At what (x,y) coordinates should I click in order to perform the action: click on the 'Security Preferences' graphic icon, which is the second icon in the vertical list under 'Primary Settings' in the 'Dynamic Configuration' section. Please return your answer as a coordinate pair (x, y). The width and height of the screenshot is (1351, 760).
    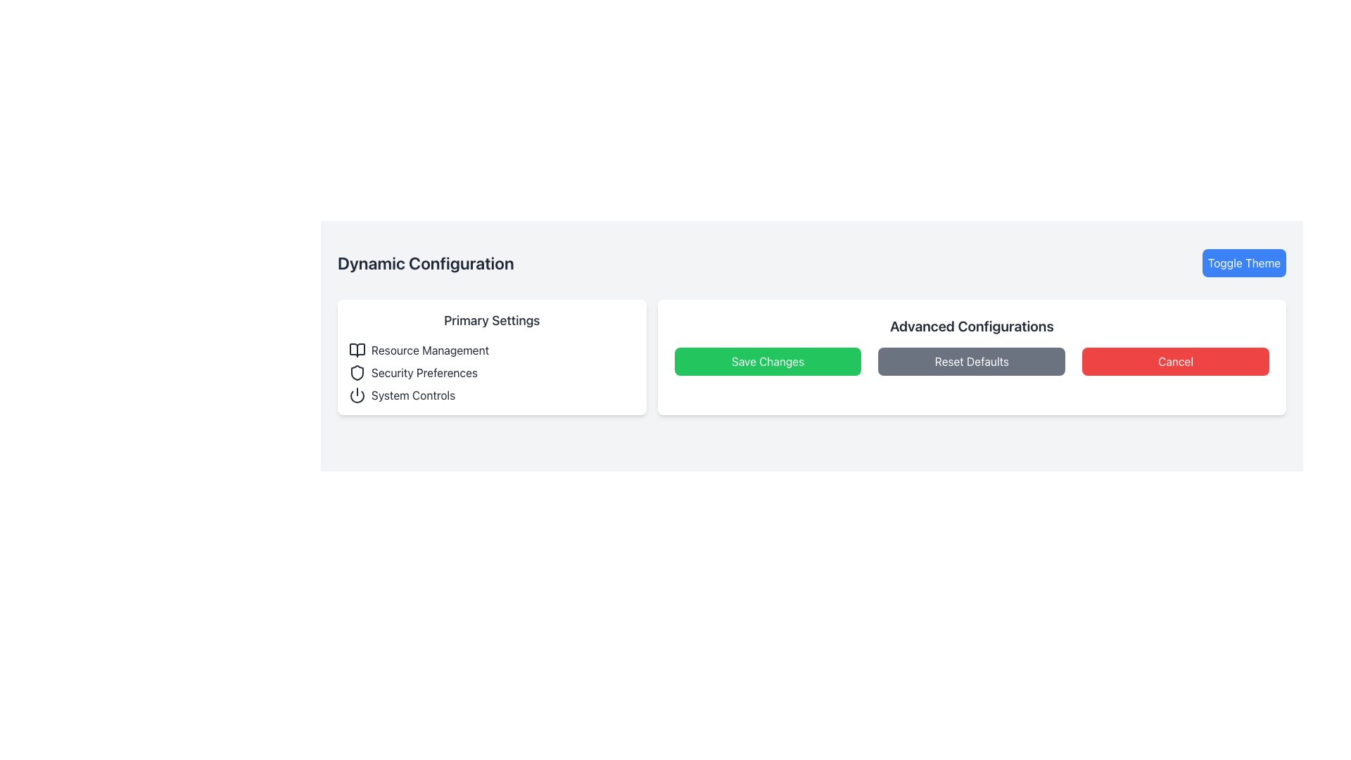
    Looking at the image, I should click on (357, 372).